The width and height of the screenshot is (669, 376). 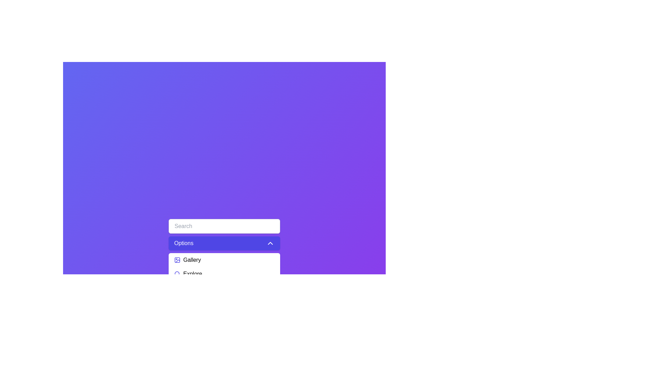 I want to click on the menu header to toggle the visibility of the menu options, so click(x=224, y=243).